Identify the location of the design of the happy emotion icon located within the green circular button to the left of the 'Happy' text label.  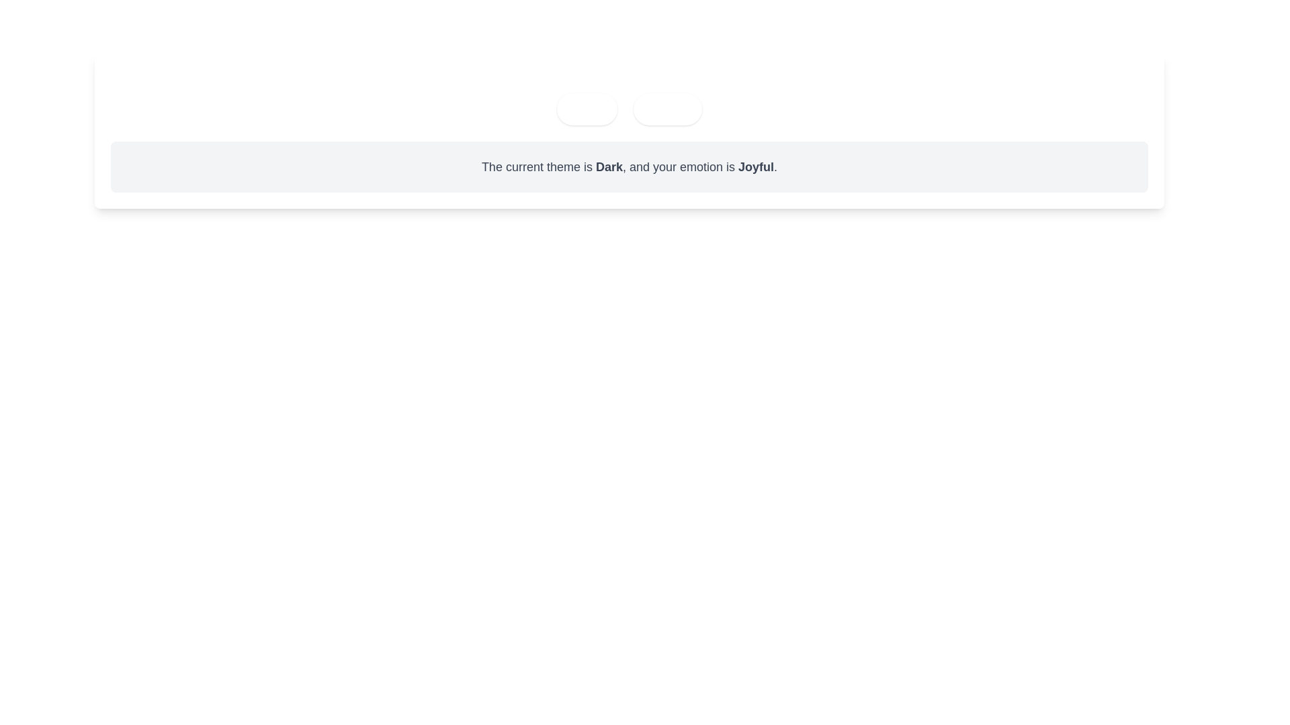
(649, 108).